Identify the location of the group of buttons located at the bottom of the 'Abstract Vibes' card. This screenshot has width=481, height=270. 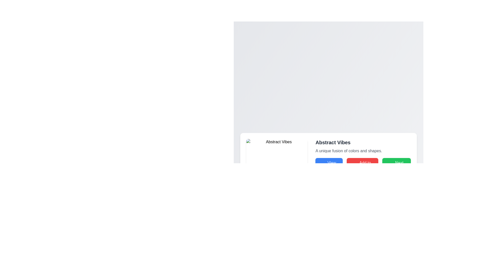
(363, 166).